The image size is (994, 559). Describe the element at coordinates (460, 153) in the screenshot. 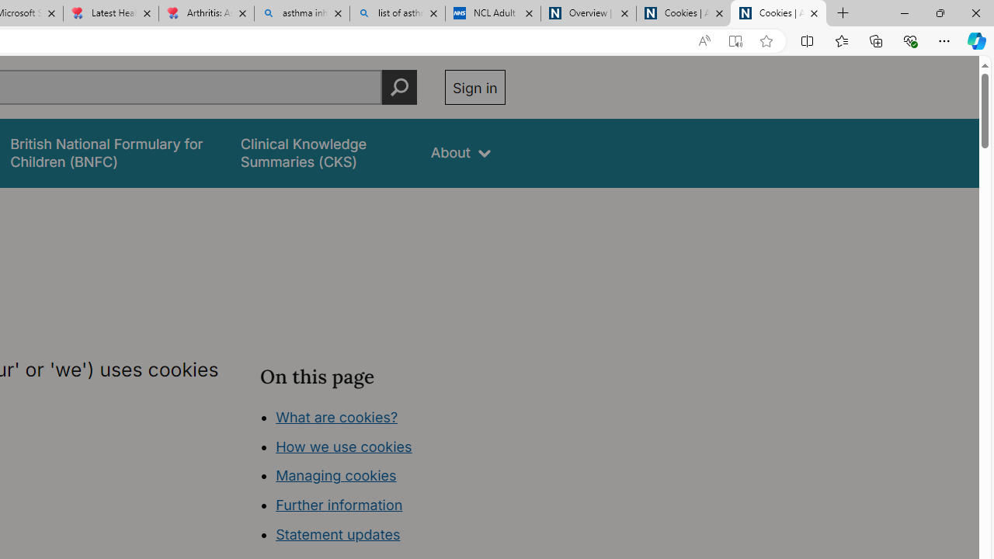

I see `'About'` at that location.